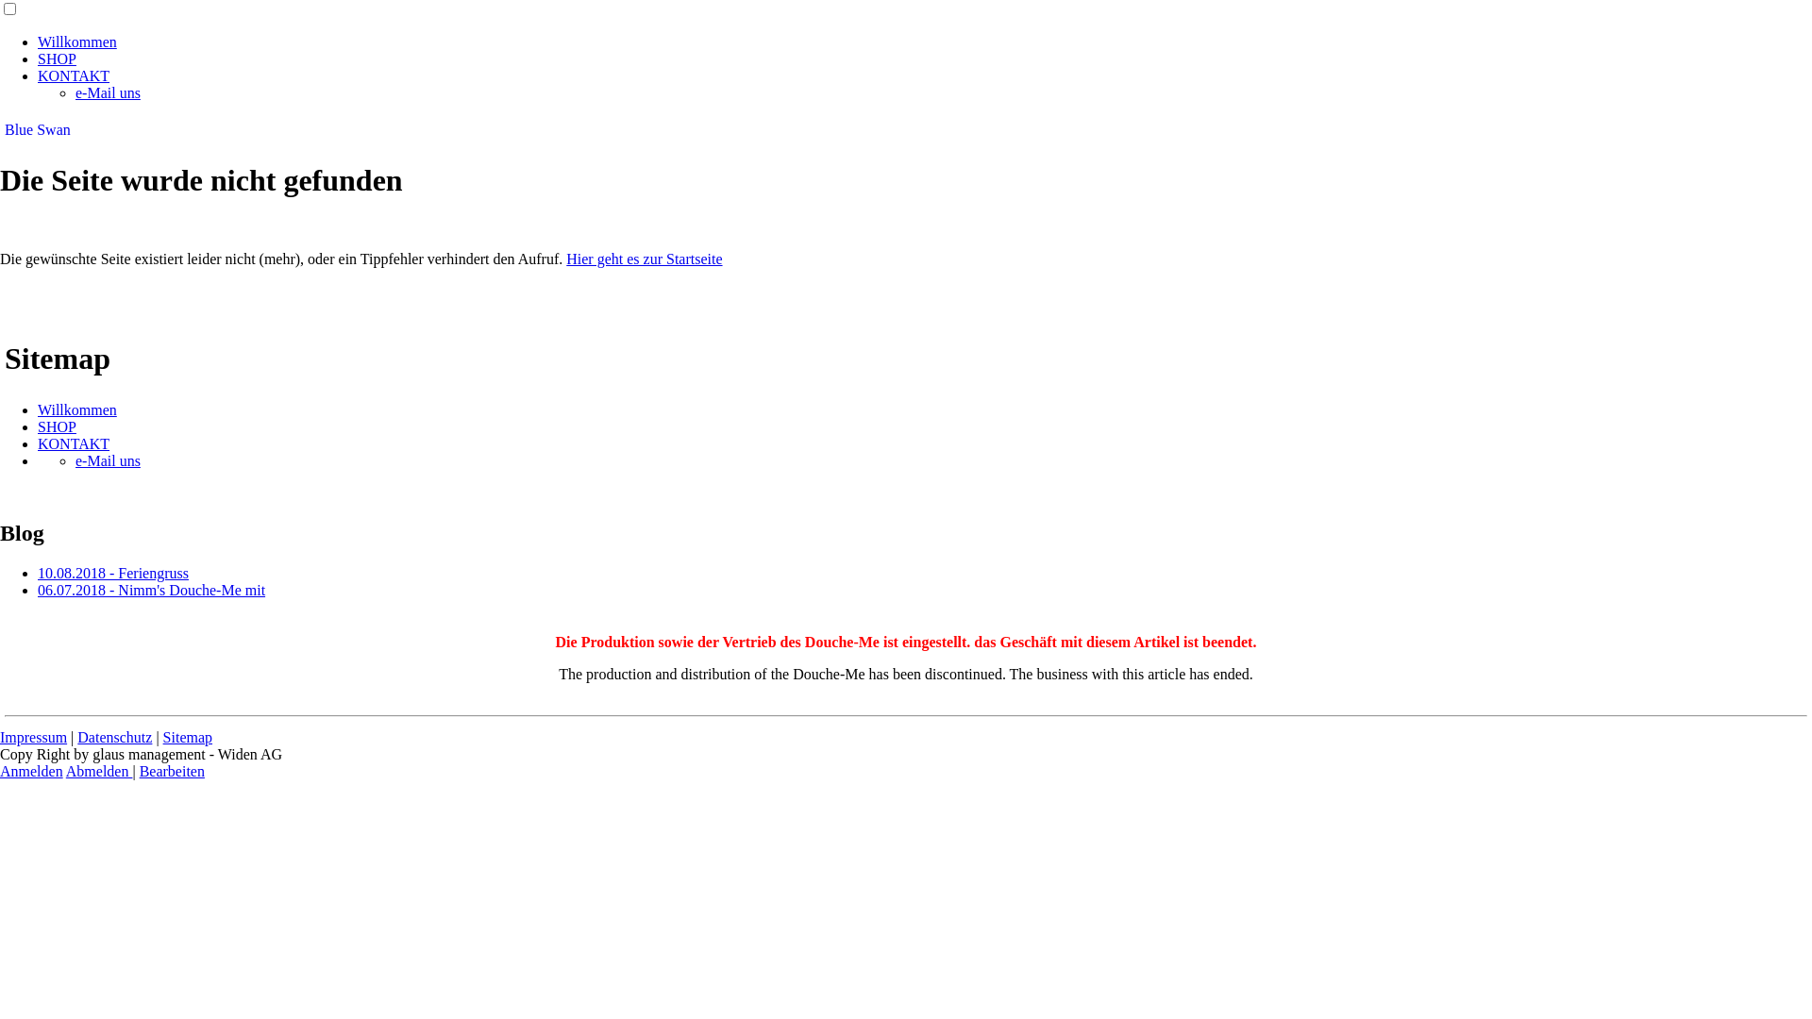 This screenshot has width=1812, height=1019. What do you see at coordinates (644, 259) in the screenshot?
I see `'Hier geht es zur Startseite'` at bounding box center [644, 259].